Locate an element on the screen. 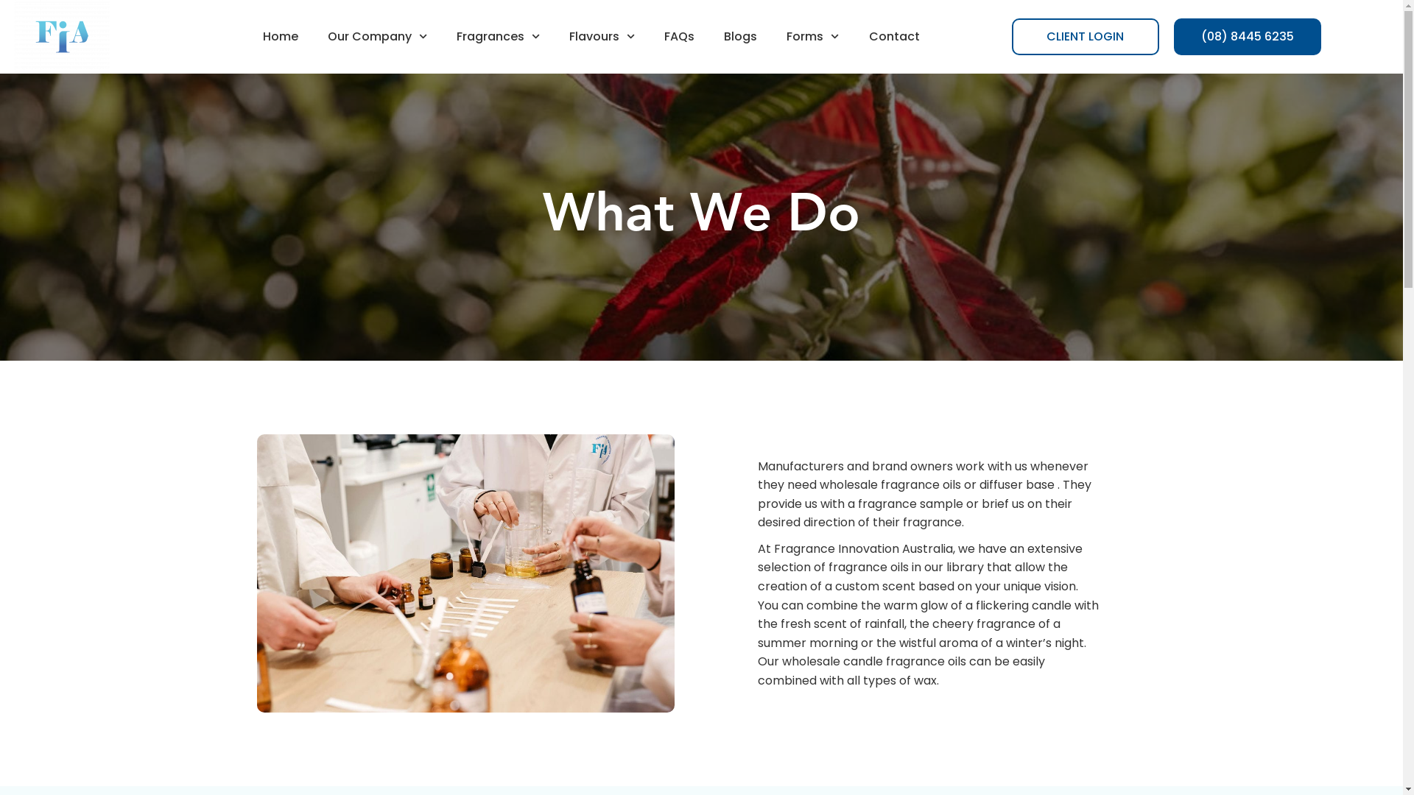  'logo' is located at coordinates (61, 36).